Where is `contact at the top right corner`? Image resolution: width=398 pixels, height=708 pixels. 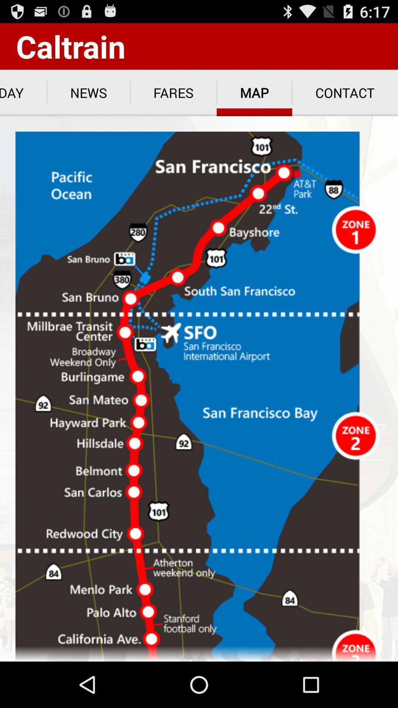
contact at the top right corner is located at coordinates (345, 93).